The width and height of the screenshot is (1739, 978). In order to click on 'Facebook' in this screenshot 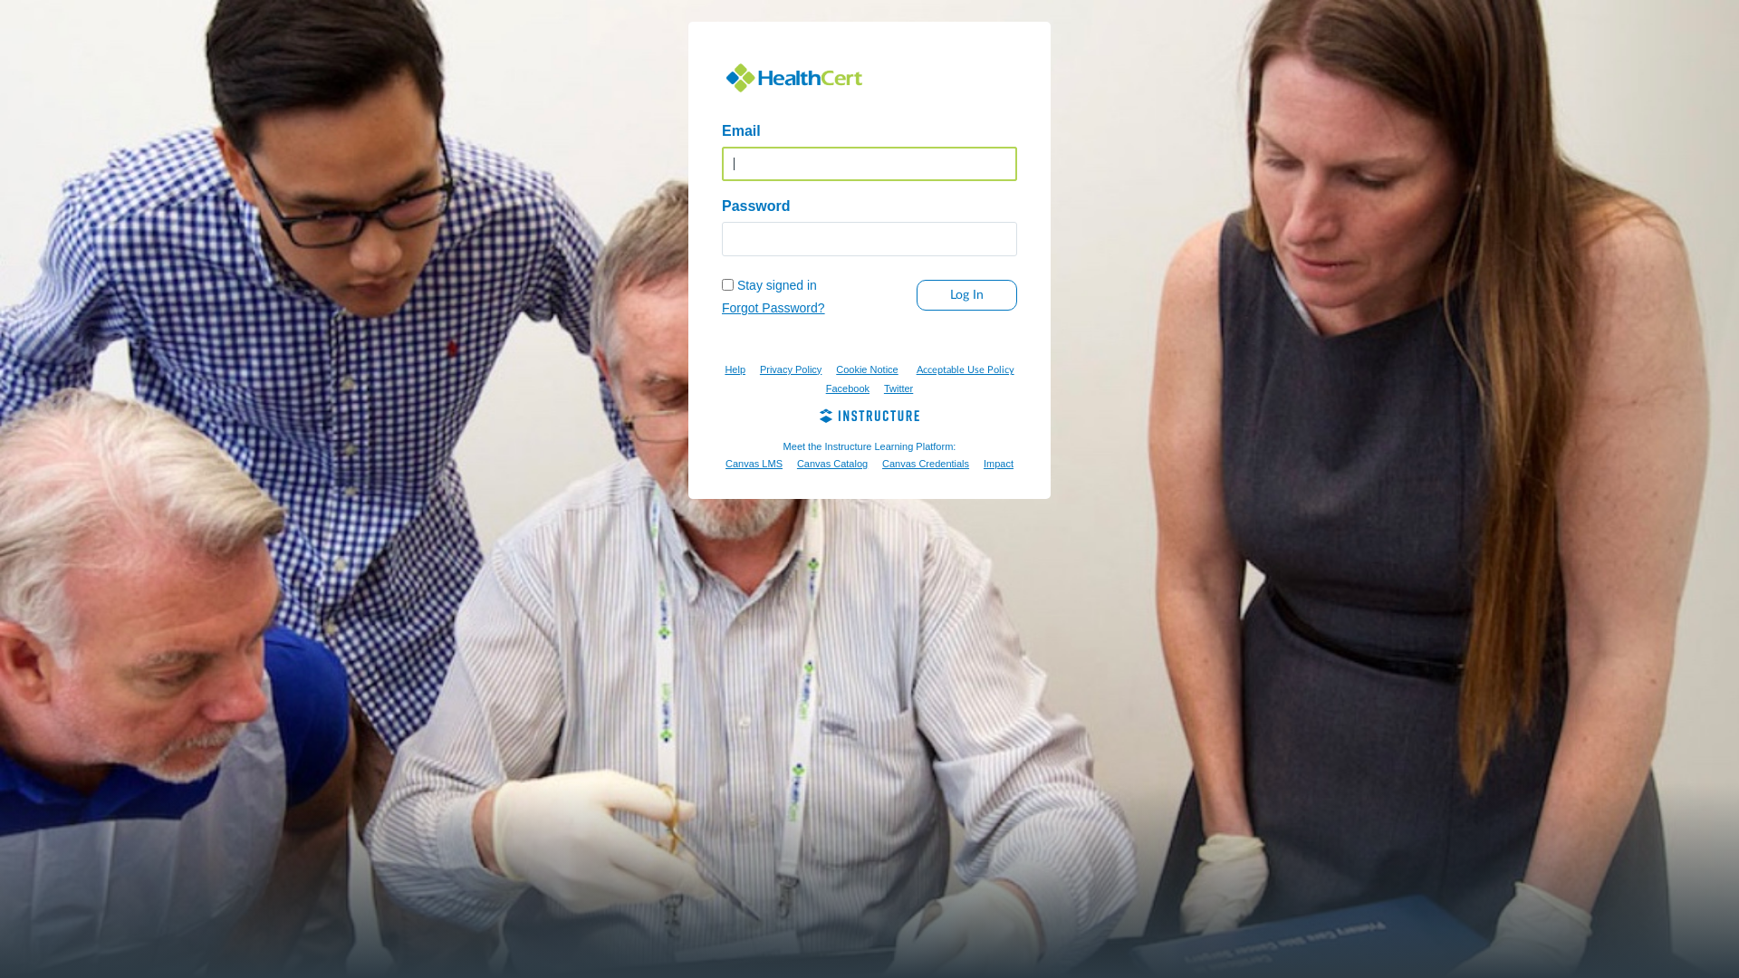, I will do `click(820, 387)`.